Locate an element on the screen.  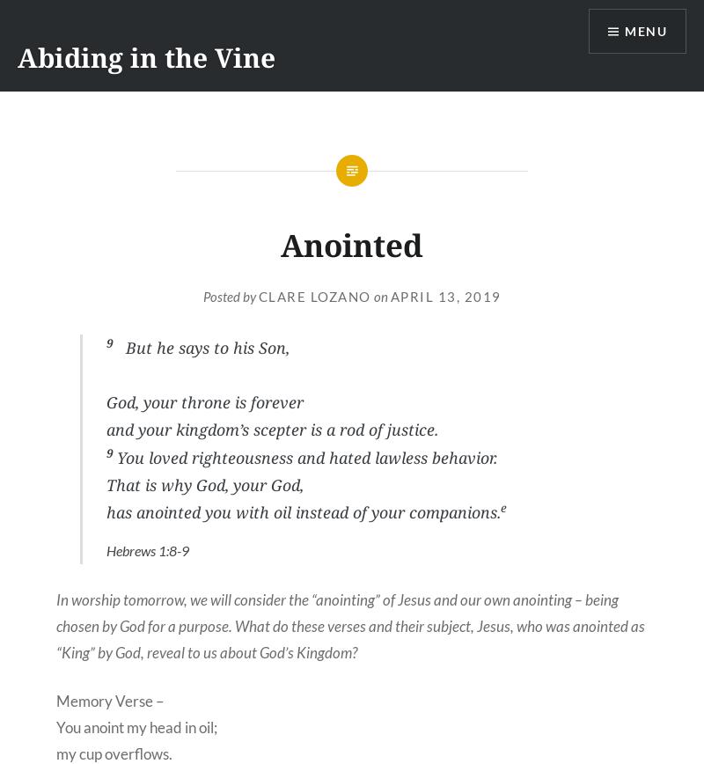
'has anointed you with oil instead of your companions.' is located at coordinates (303, 511).